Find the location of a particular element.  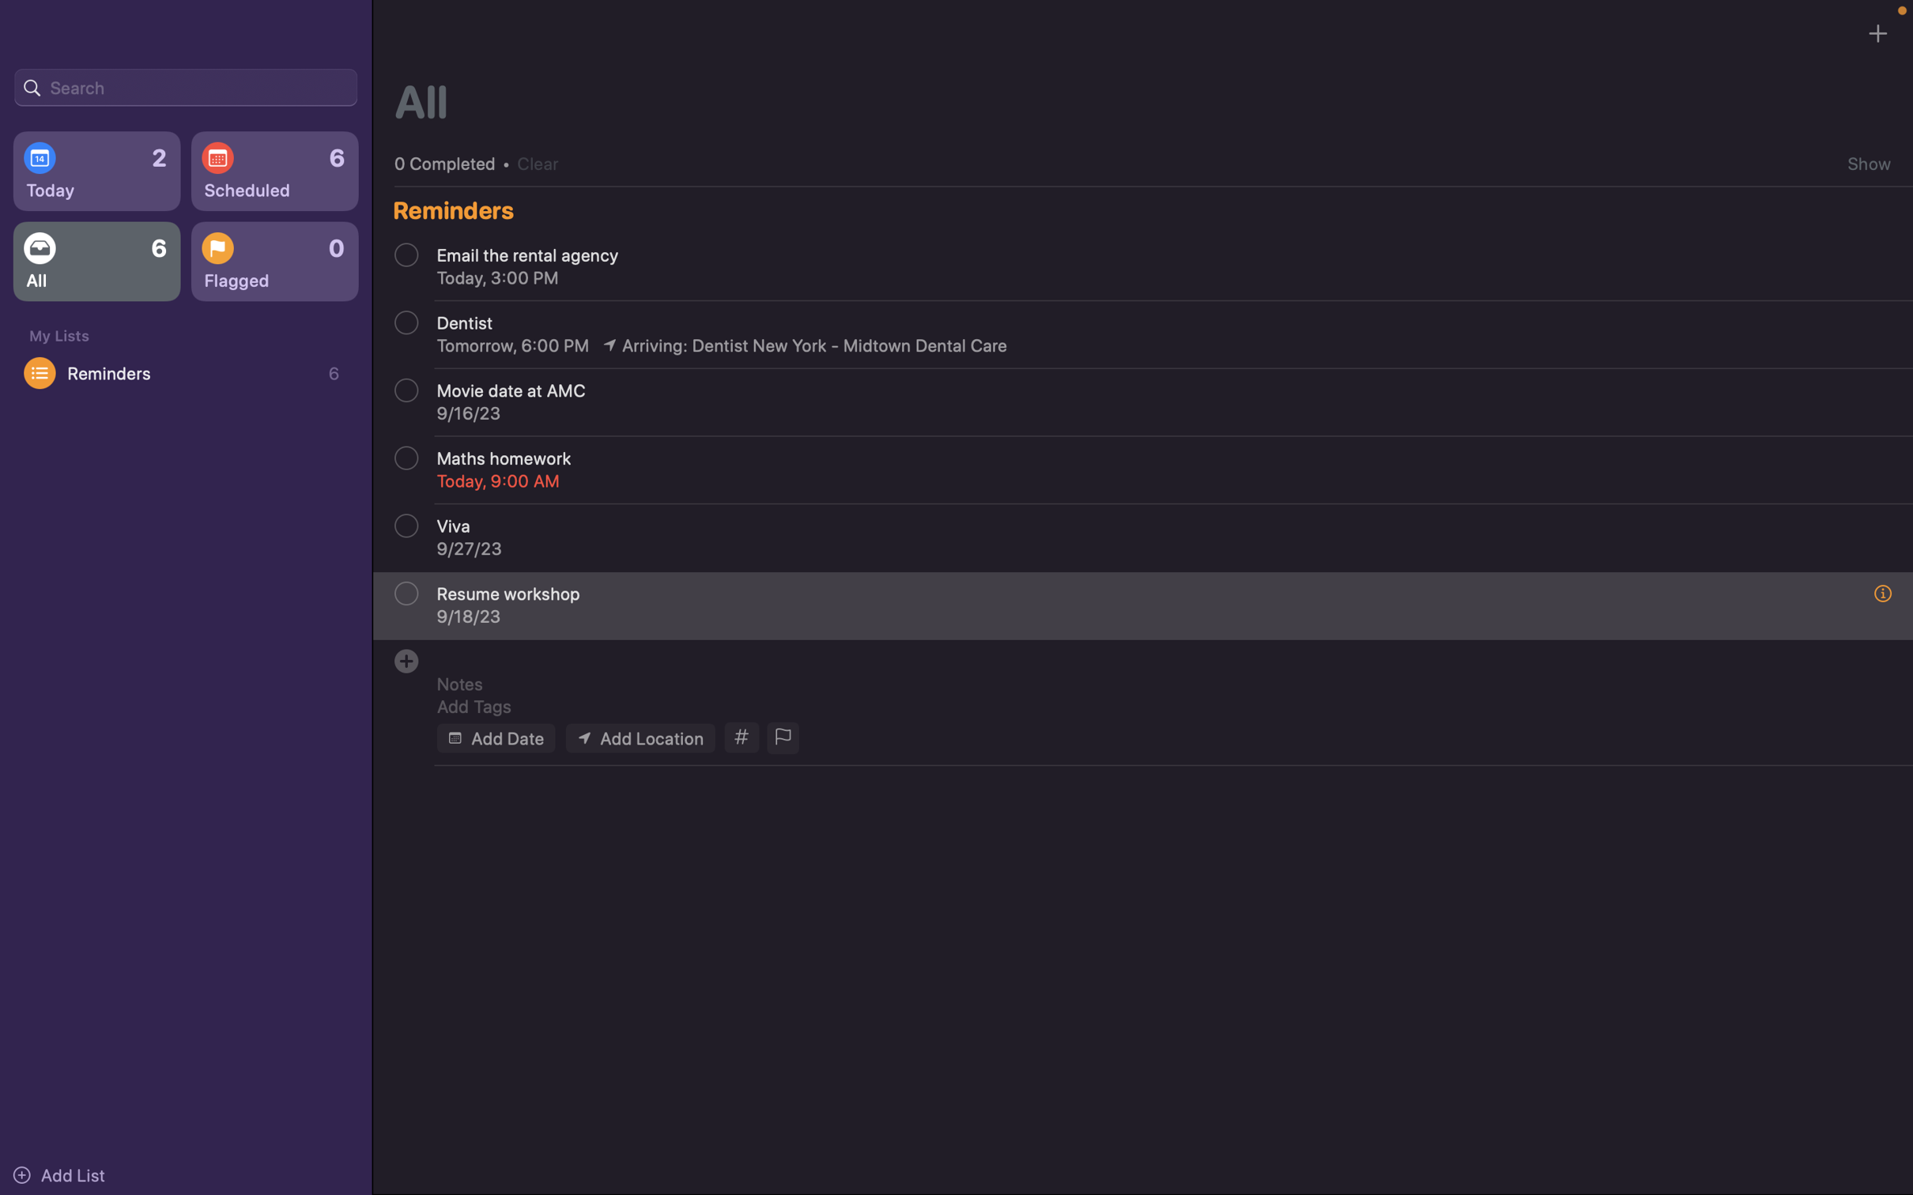

the date in new task as today is located at coordinates (494, 737).